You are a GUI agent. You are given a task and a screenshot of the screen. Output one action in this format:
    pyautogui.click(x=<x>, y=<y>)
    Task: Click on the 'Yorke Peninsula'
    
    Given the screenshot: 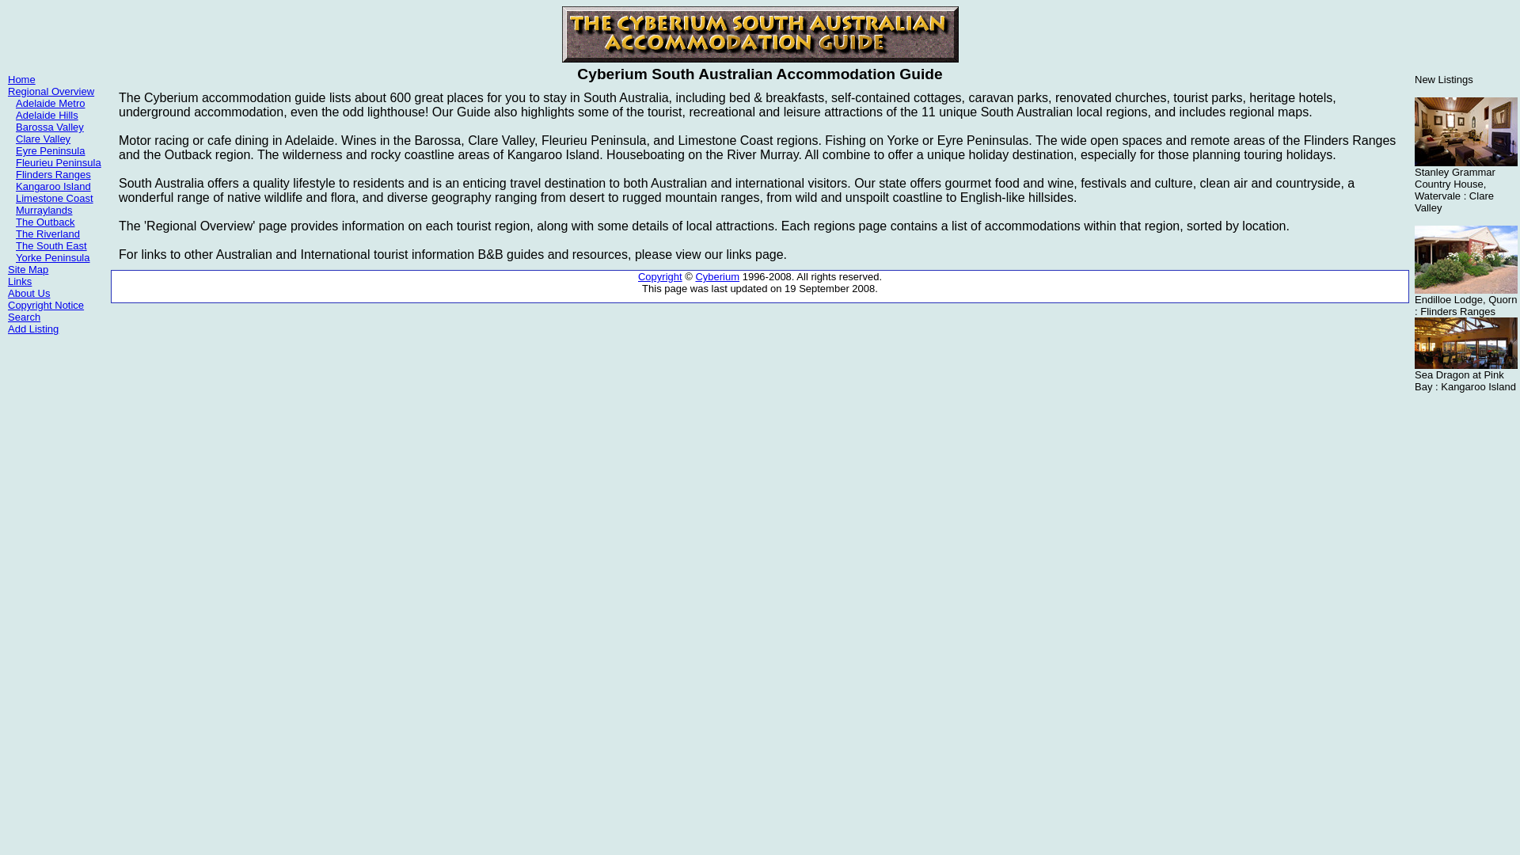 What is the action you would take?
    pyautogui.click(x=52, y=256)
    